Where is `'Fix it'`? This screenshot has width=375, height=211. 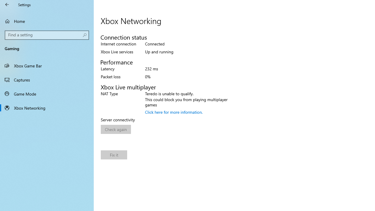
'Fix it' is located at coordinates (114, 154).